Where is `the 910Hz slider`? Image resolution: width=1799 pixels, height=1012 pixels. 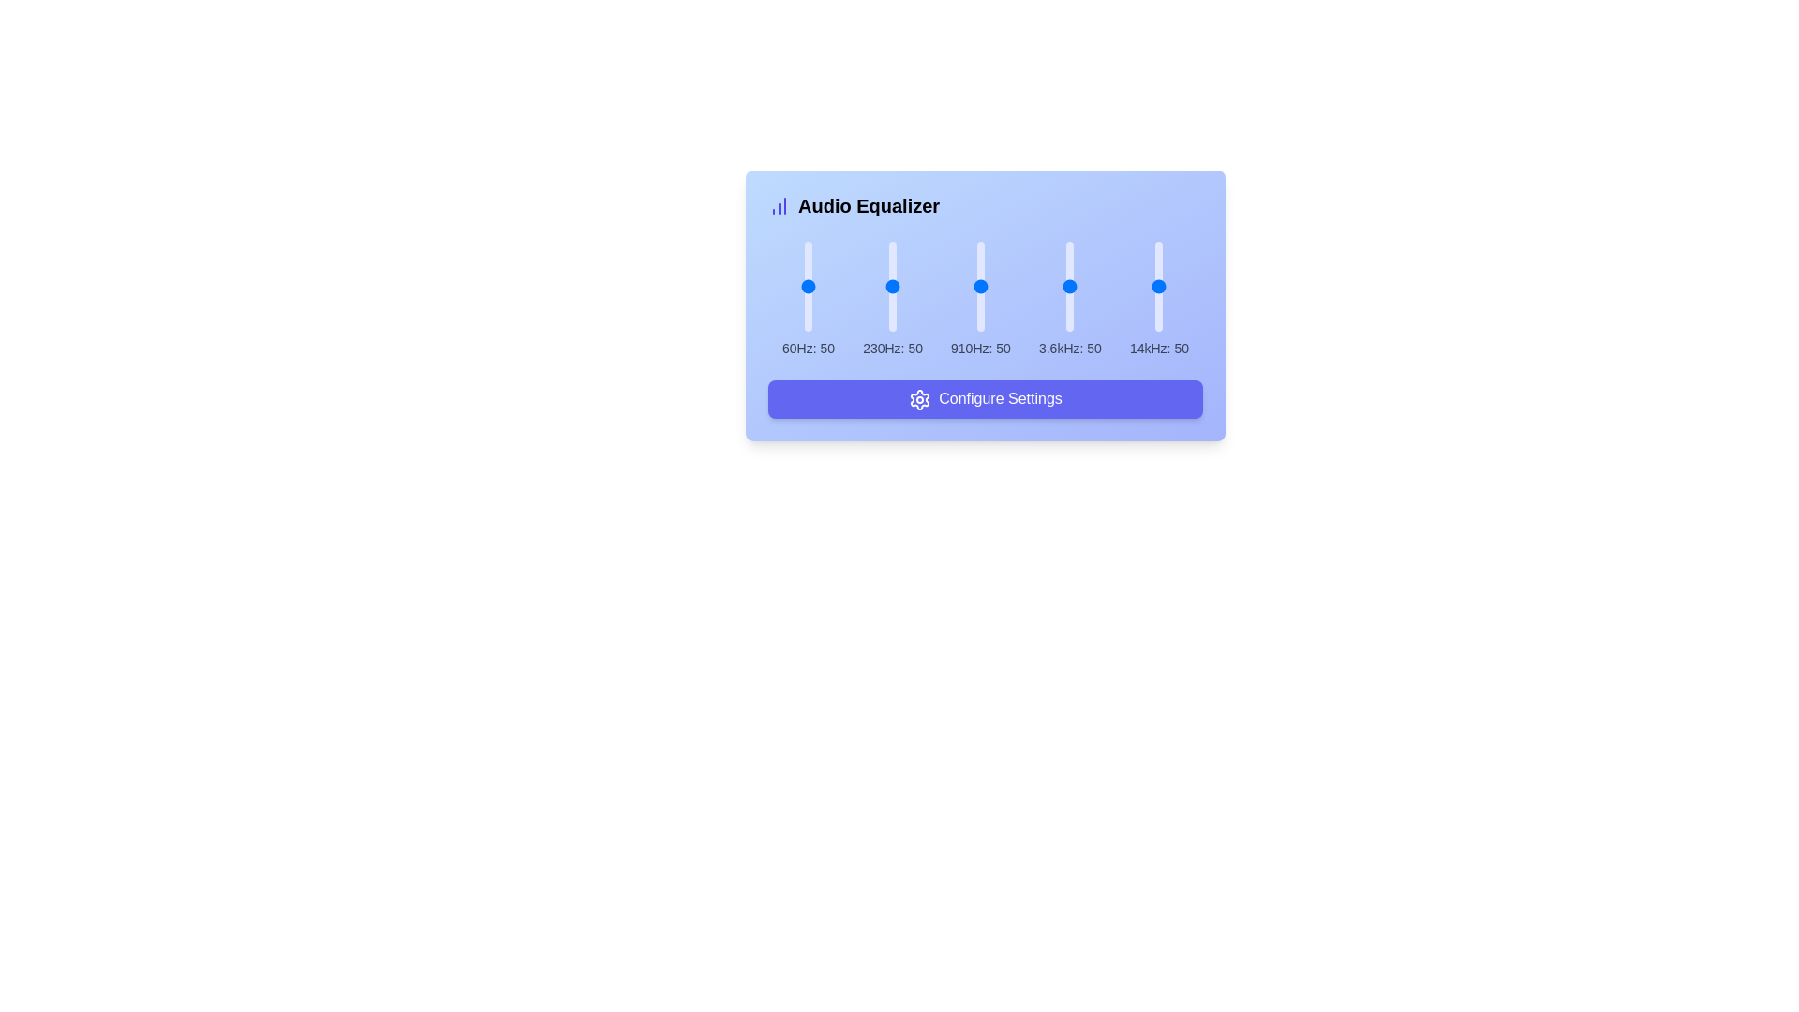 the 910Hz slider is located at coordinates (979, 280).